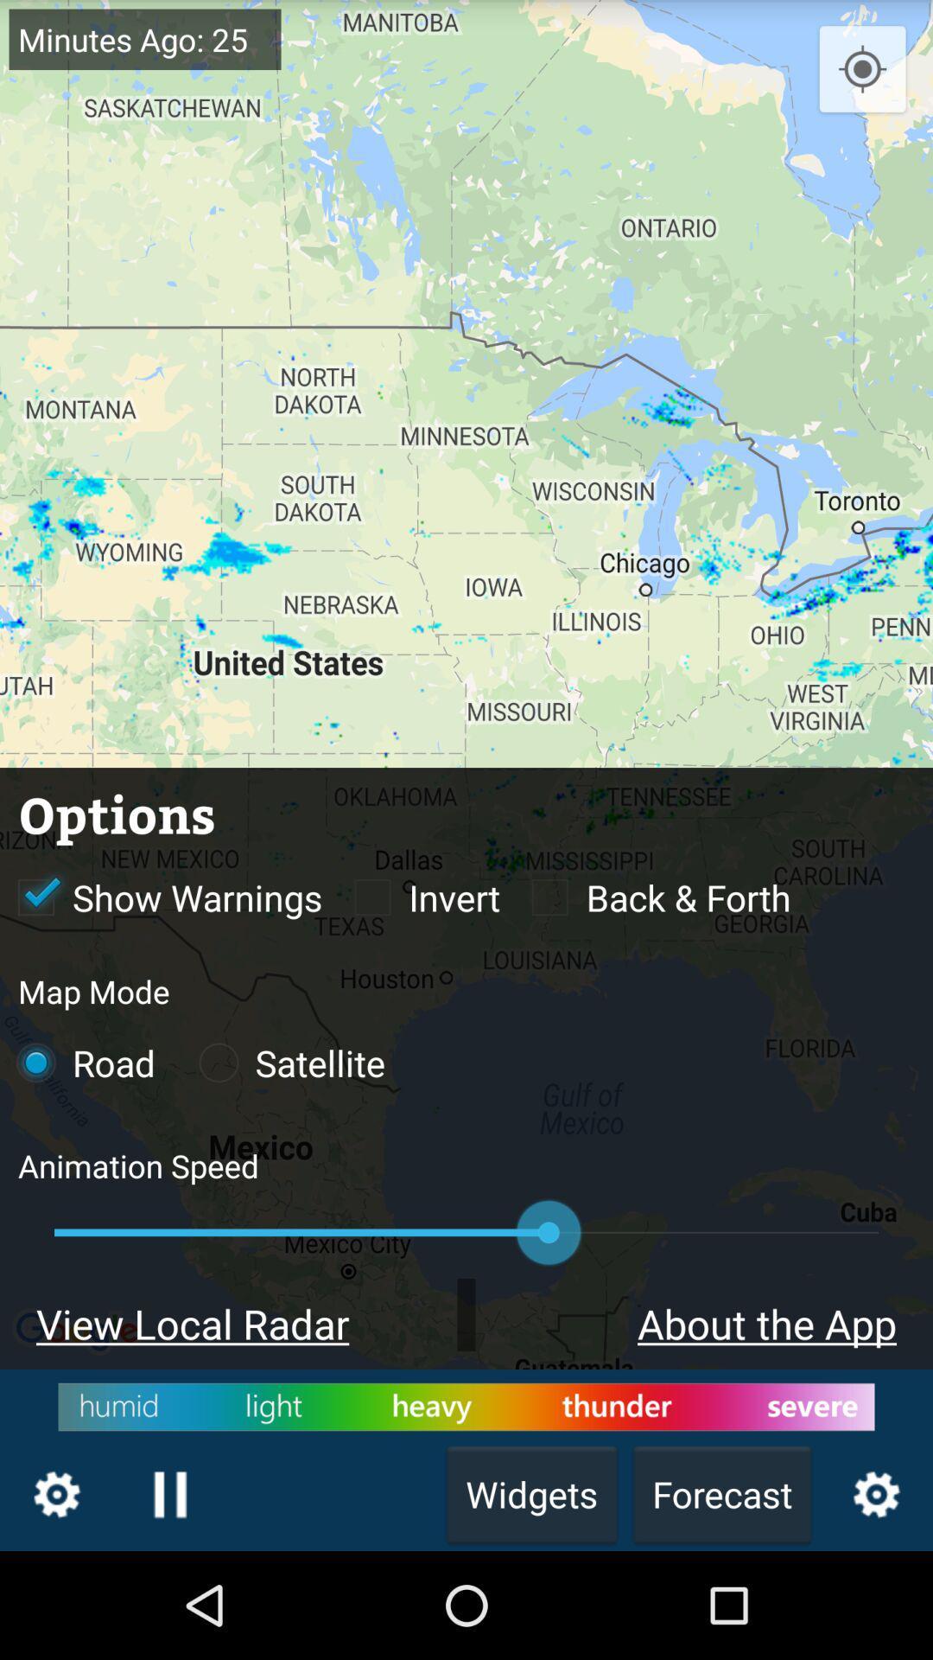 The width and height of the screenshot is (933, 1660). What do you see at coordinates (632, 1323) in the screenshot?
I see `about the app which is before view local radar on the page` at bounding box center [632, 1323].